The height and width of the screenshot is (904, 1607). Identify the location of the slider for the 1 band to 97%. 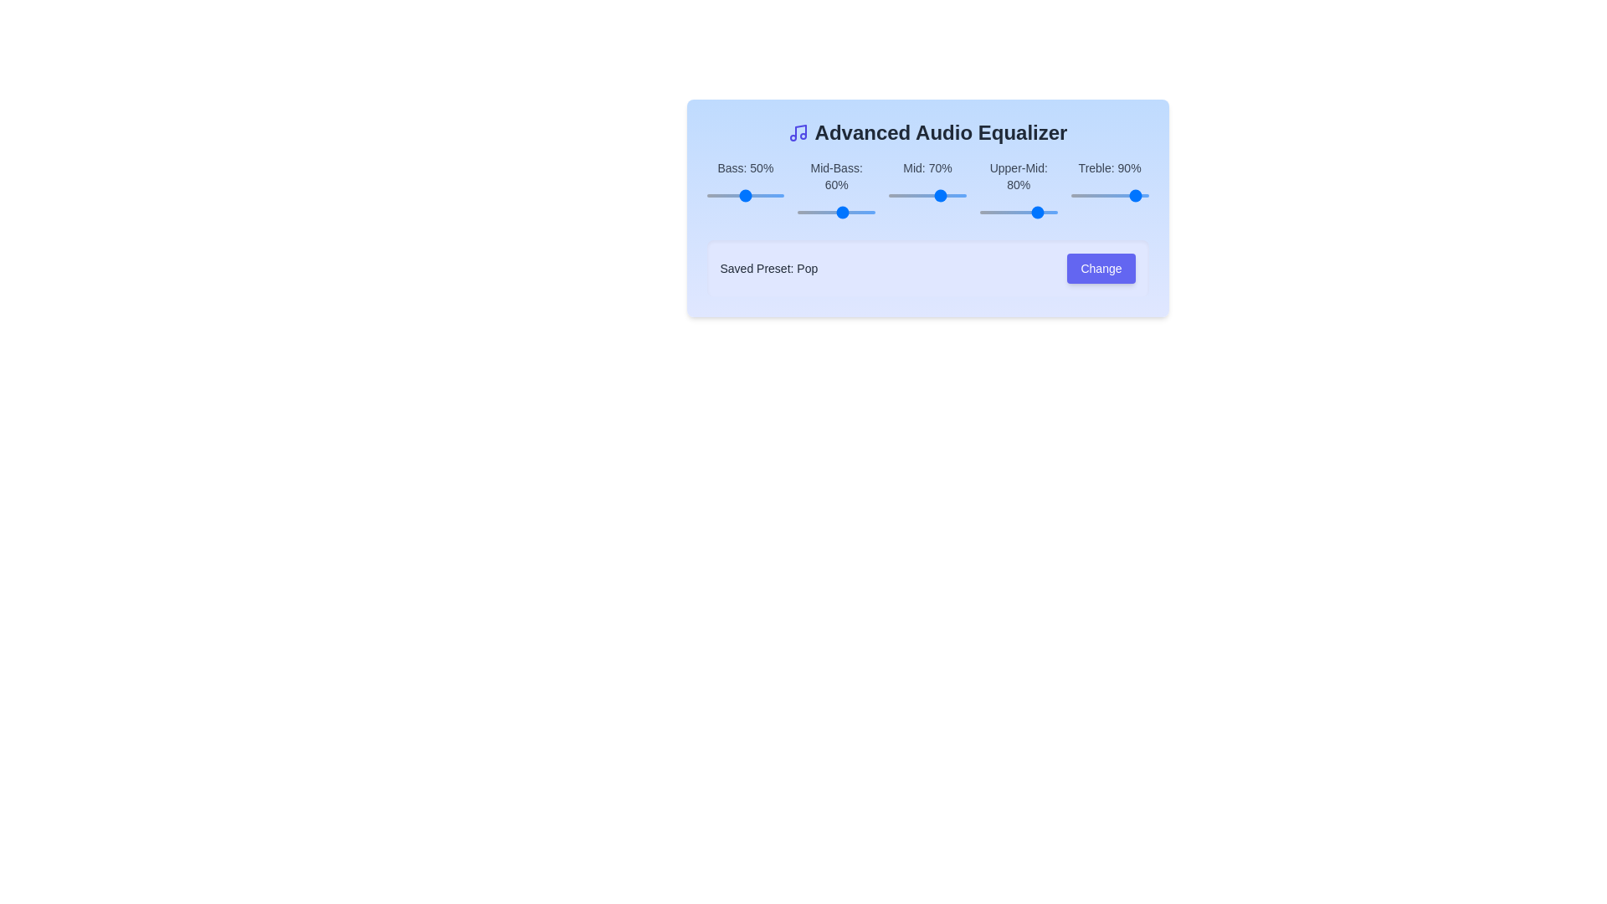
(916, 212).